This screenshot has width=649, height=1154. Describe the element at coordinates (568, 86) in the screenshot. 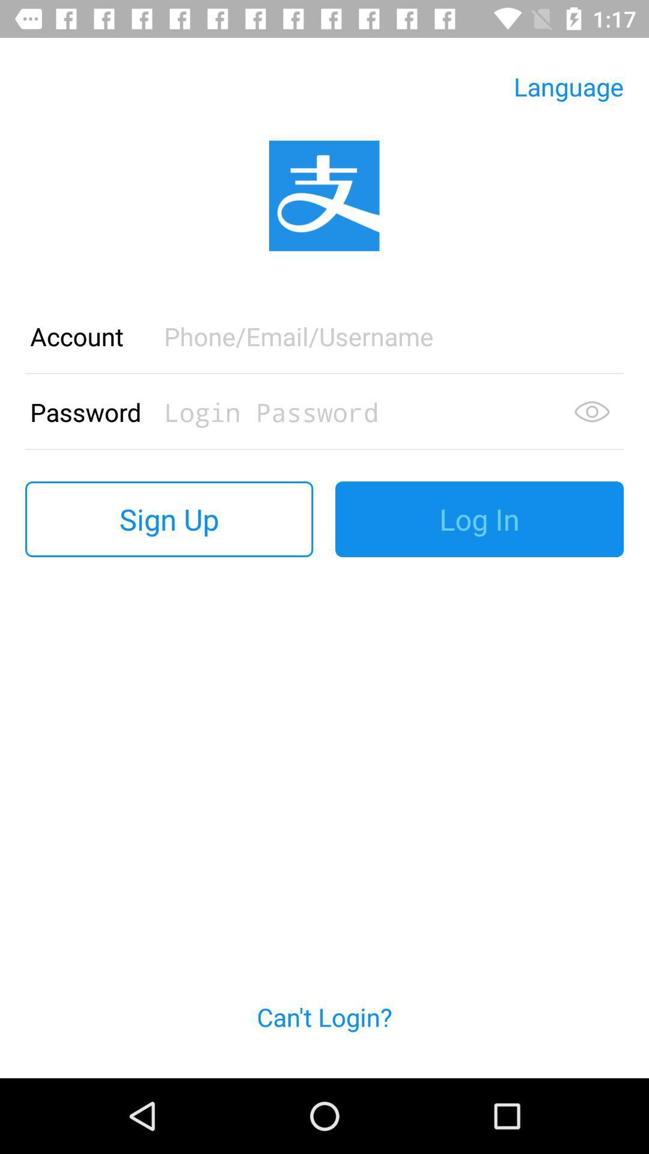

I see `the language item` at that location.